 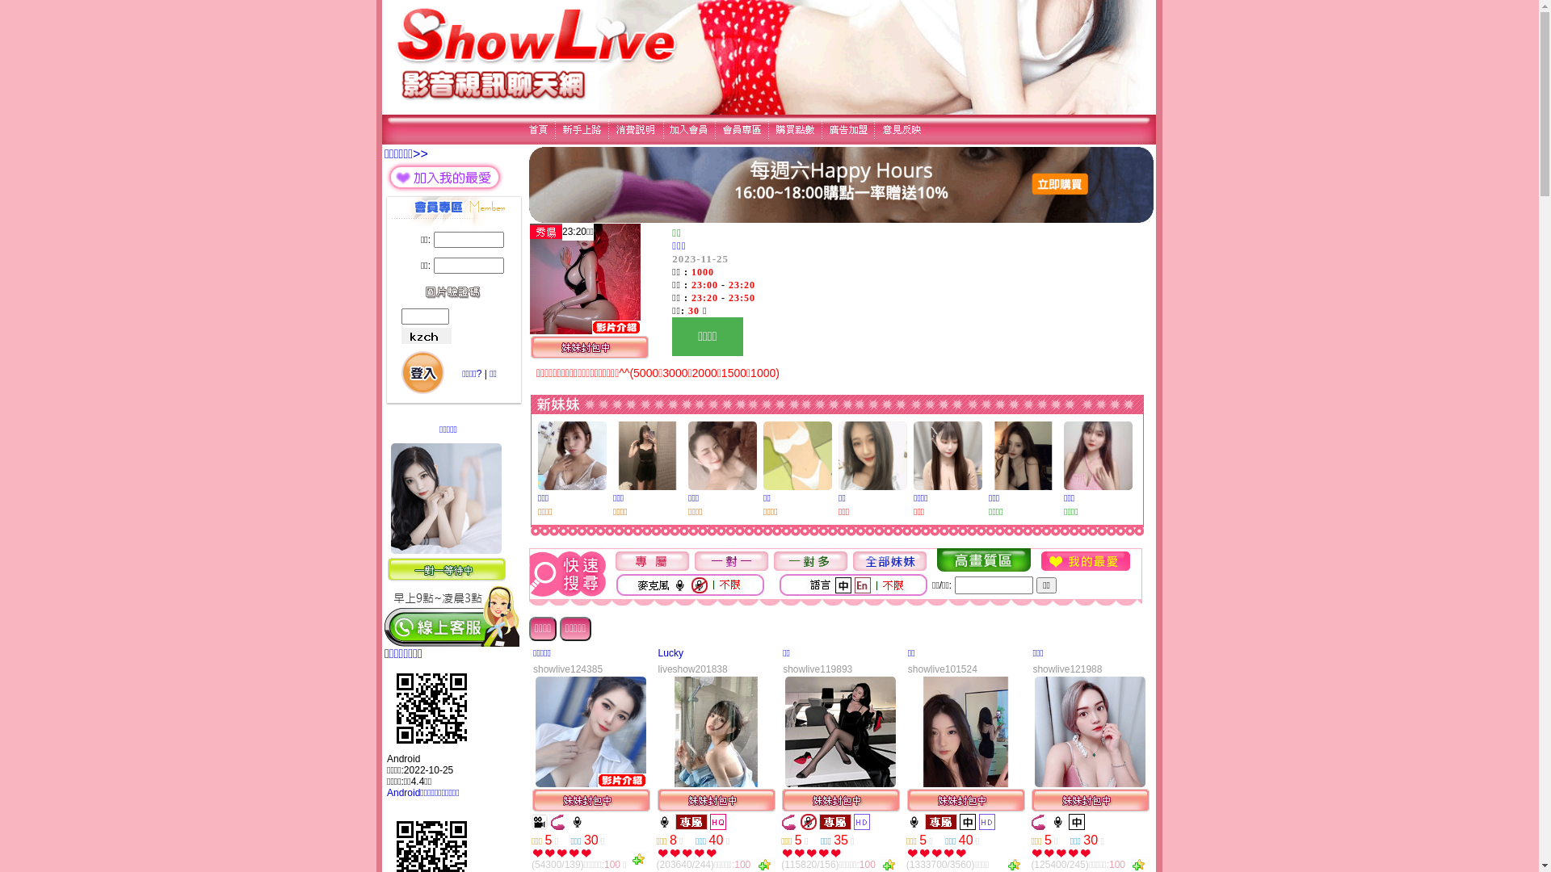 I want to click on 'Lucky', so click(x=658, y=652).